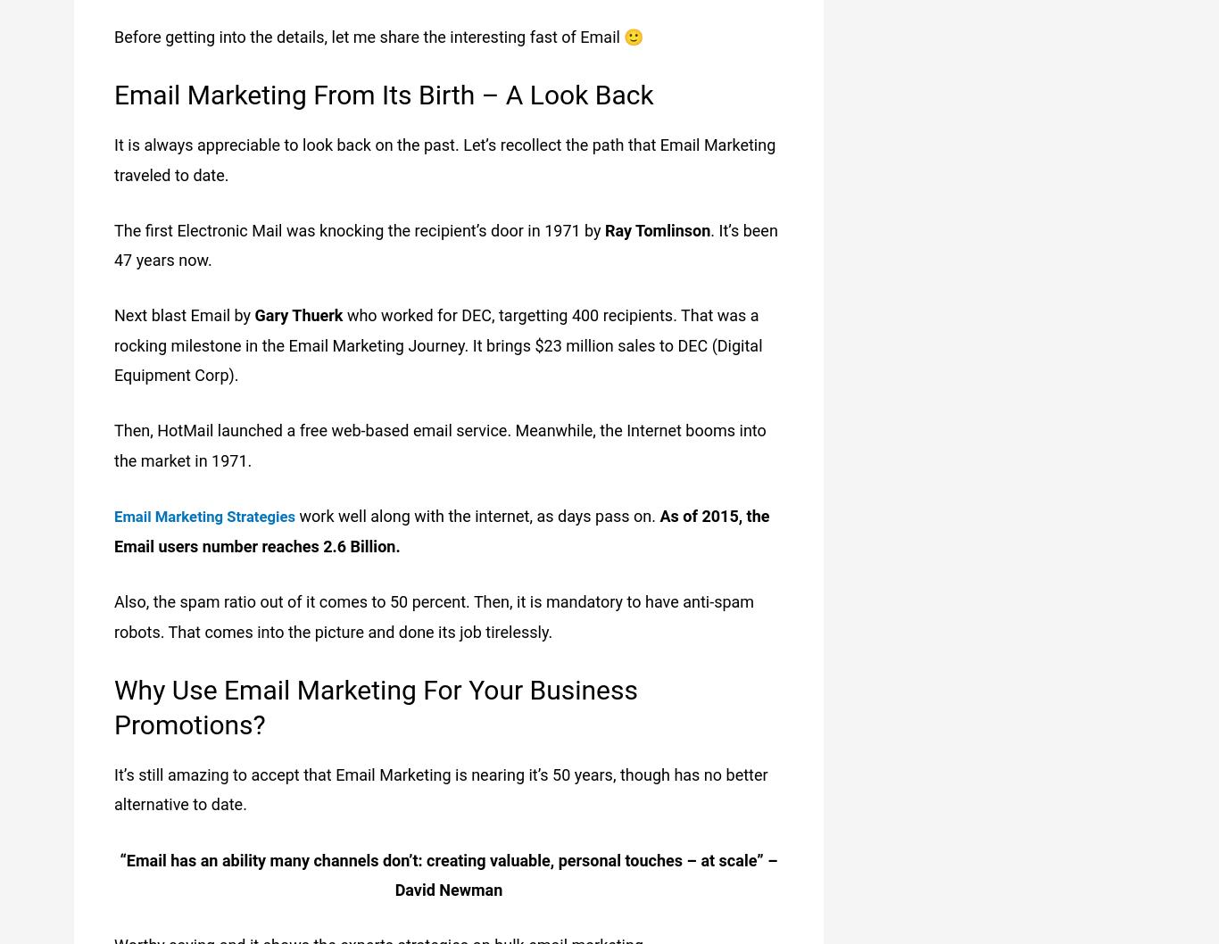  Describe the element at coordinates (492, 515) in the screenshot. I see `'work well along with the internet, as days pass on.'` at that location.